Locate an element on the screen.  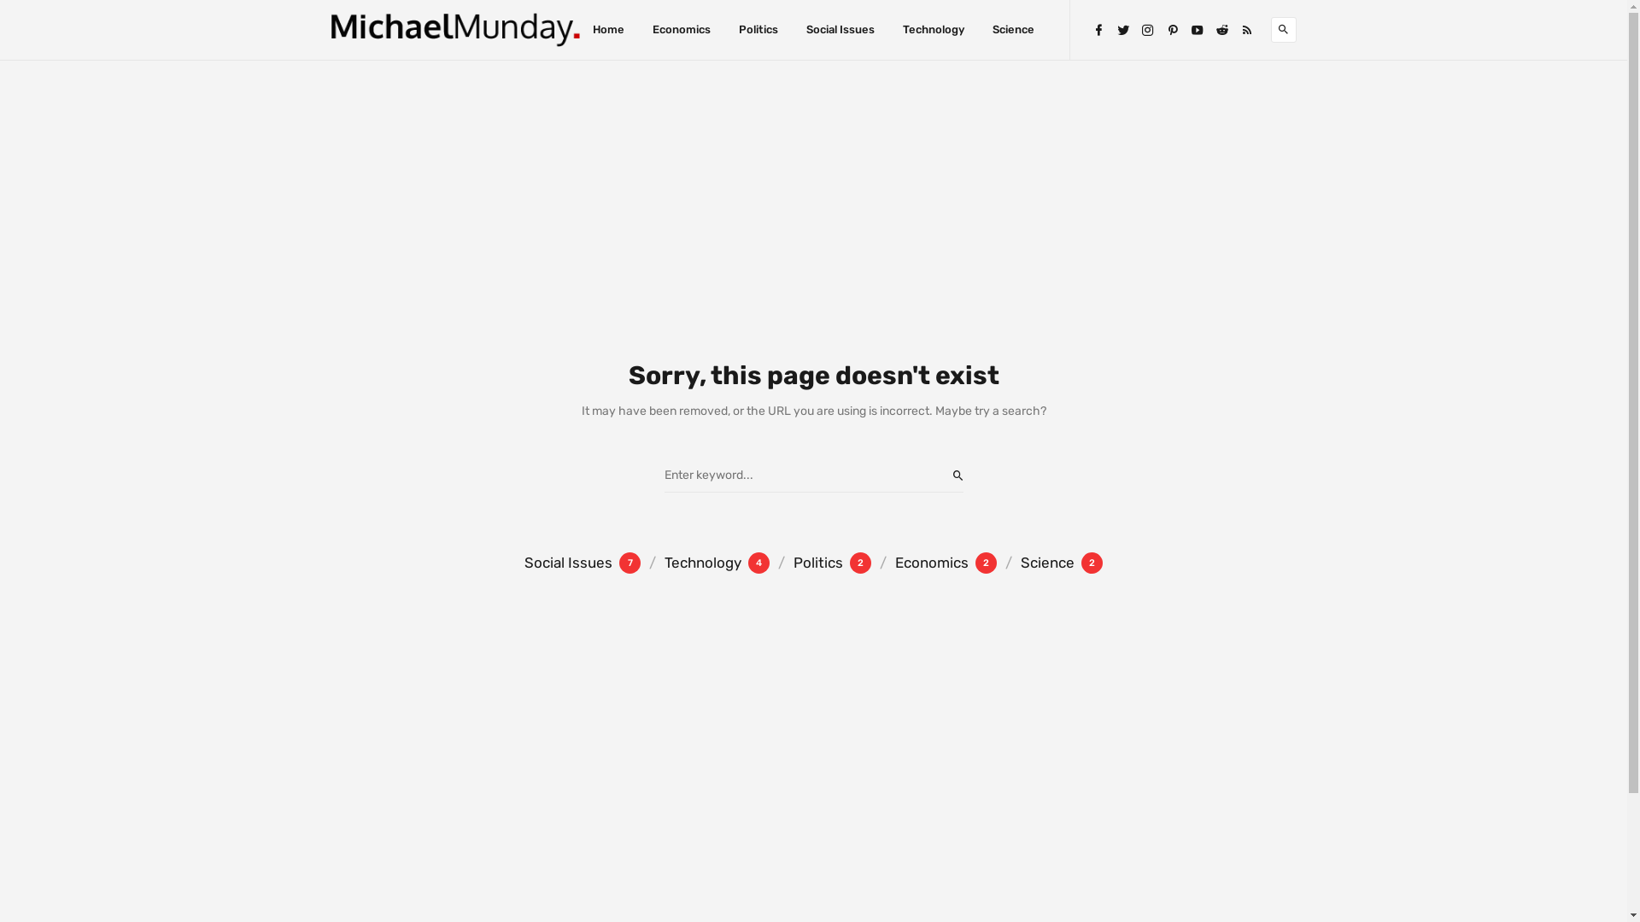
'Pinterest' is located at coordinates (1163, 29).